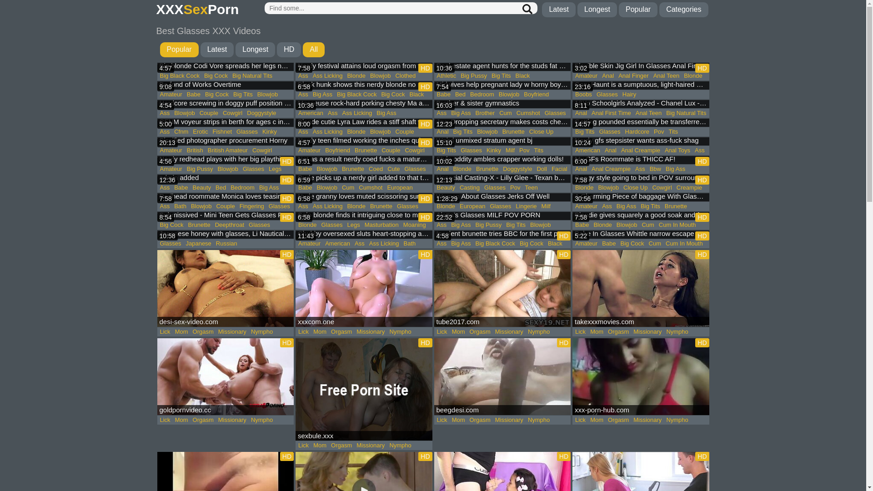 The width and height of the screenshot is (873, 491). Describe the element at coordinates (501, 75) in the screenshot. I see `'Big Tits'` at that location.